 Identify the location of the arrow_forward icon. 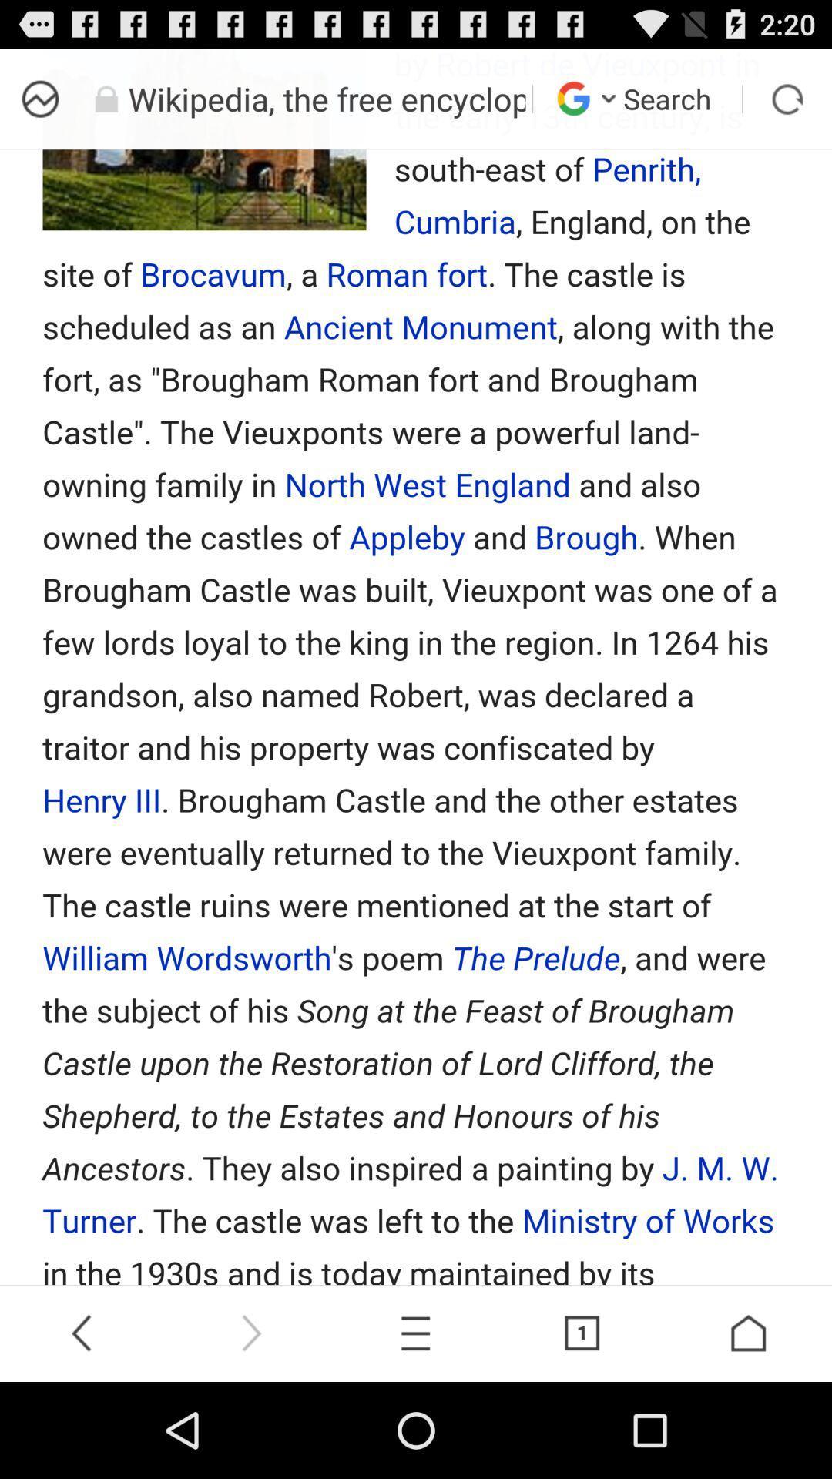
(249, 1426).